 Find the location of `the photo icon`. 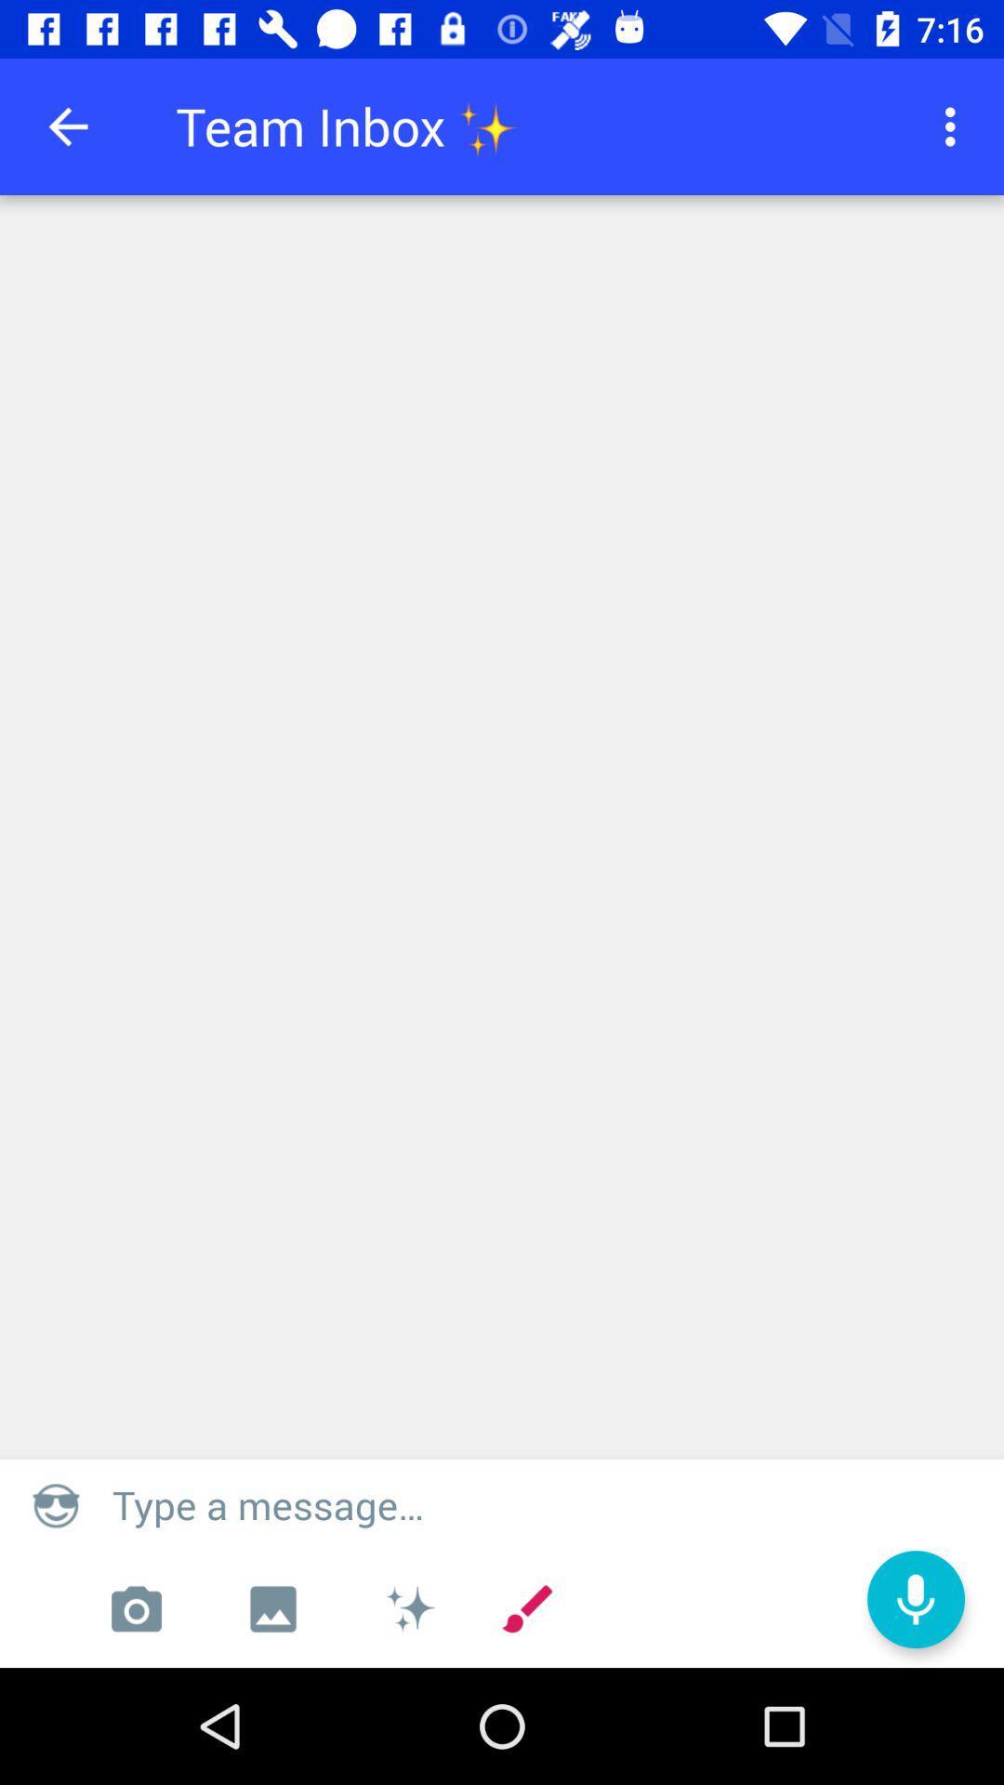

the photo icon is located at coordinates (135, 1608).